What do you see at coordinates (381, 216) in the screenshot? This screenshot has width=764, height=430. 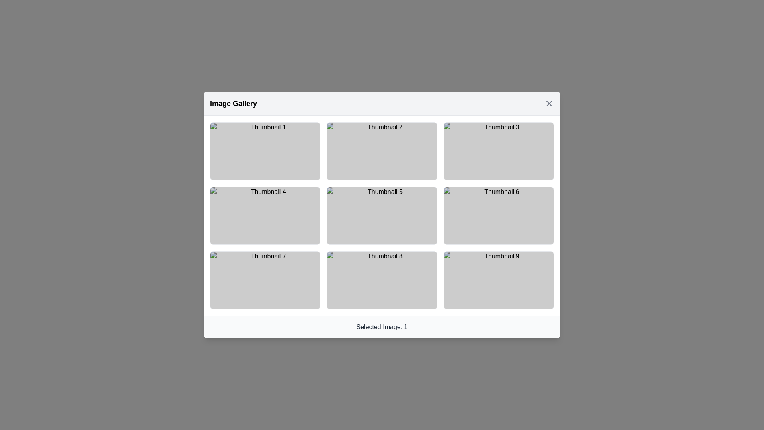 I see `the interactive thumbnail labeled 'Thumbnail 5' located in the center column of the second row in the grid` at bounding box center [381, 216].